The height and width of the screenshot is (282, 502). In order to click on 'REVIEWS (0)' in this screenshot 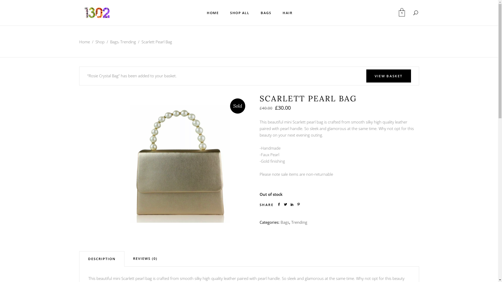, I will do `click(145, 258)`.